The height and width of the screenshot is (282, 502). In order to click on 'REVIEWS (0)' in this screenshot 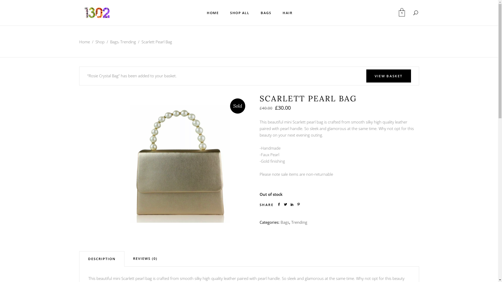, I will do `click(145, 258)`.